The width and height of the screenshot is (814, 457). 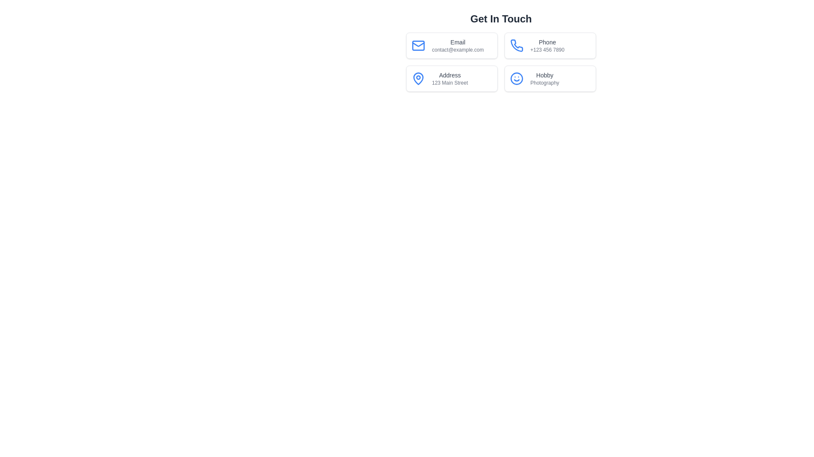 I want to click on the photography icon in the 'Hobby' section of the contact detail card, located in the second row, second column under the 'Get In Touch' header, so click(x=516, y=78).